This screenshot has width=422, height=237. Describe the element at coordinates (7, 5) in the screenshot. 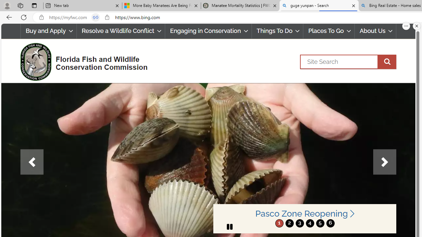

I see `'Personal Profile'` at that location.